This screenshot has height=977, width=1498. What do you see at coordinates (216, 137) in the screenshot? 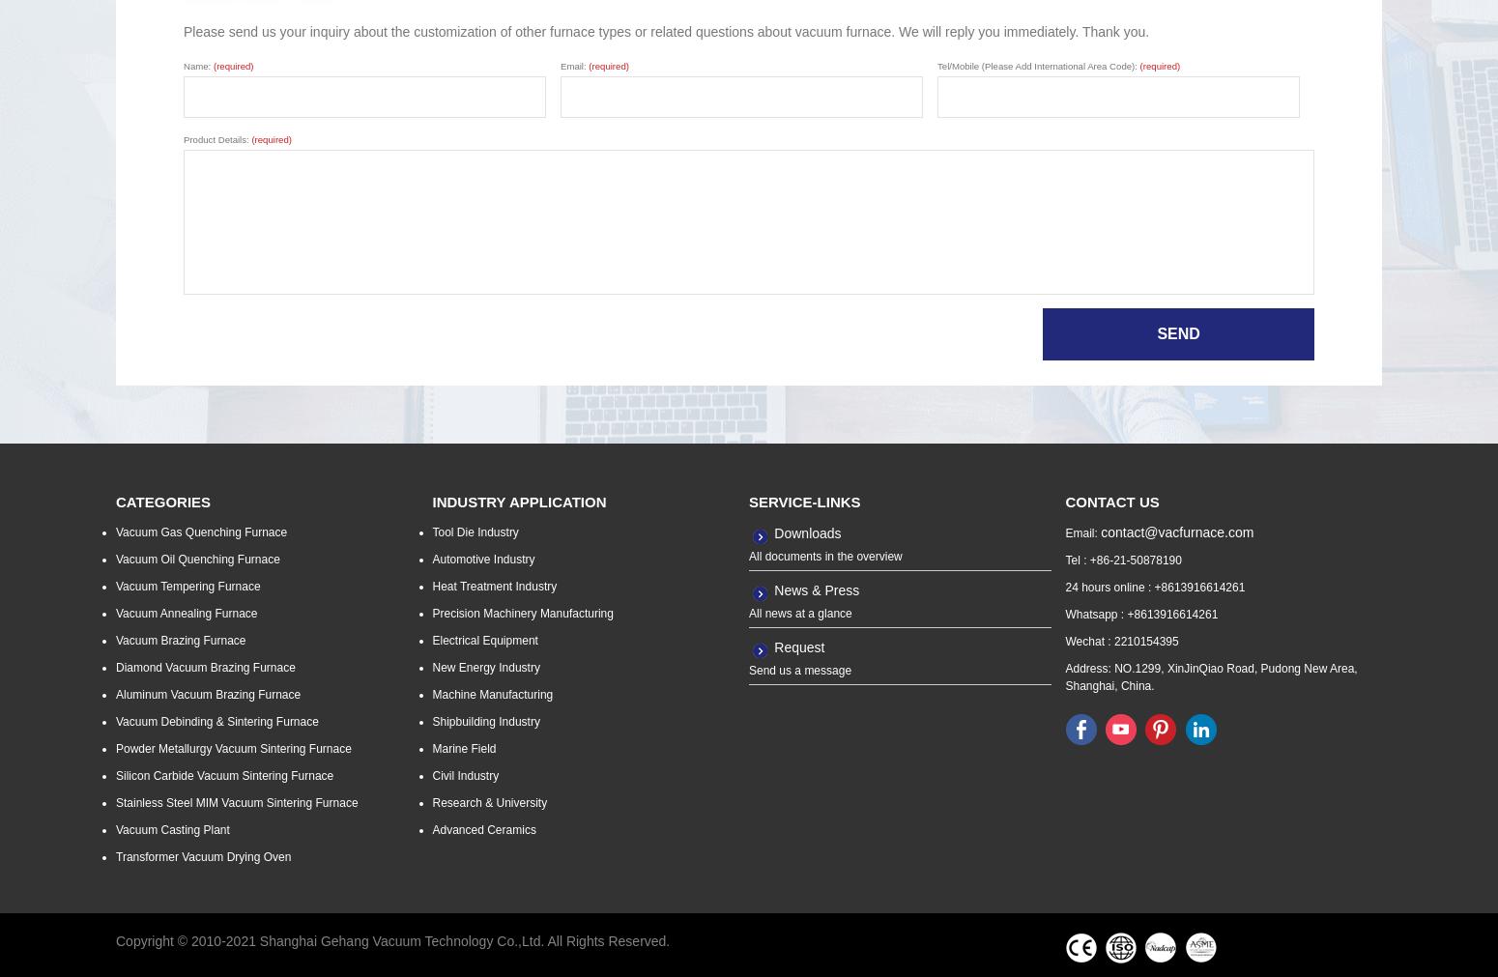
I see `'Product Details:'` at bounding box center [216, 137].